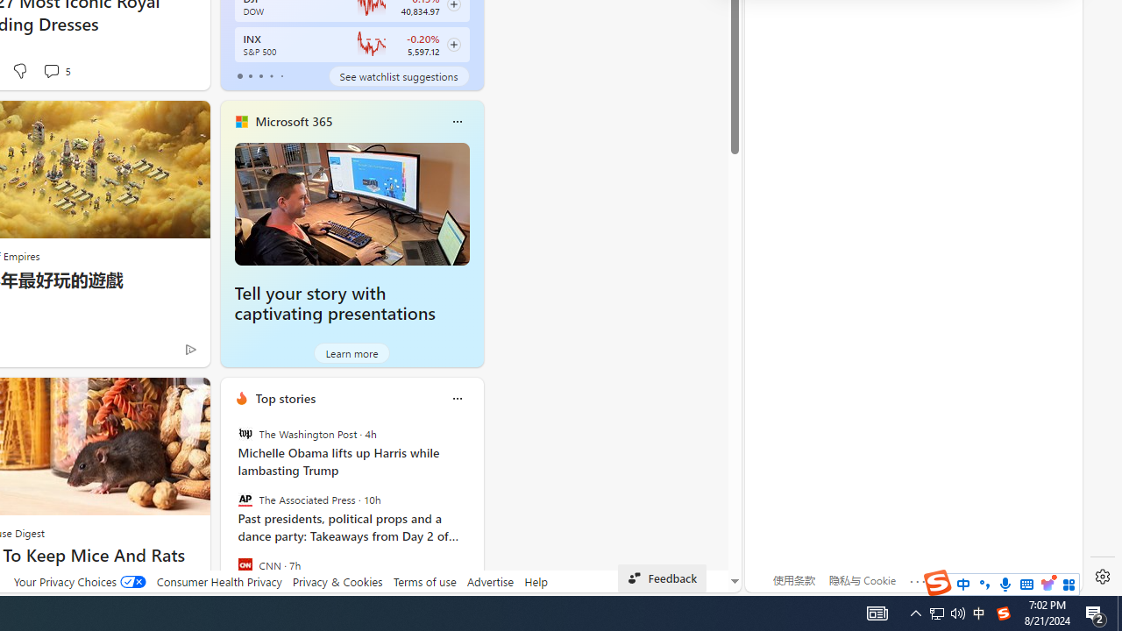 The width and height of the screenshot is (1122, 631). What do you see at coordinates (259, 75) in the screenshot?
I see `'tab-2'` at bounding box center [259, 75].